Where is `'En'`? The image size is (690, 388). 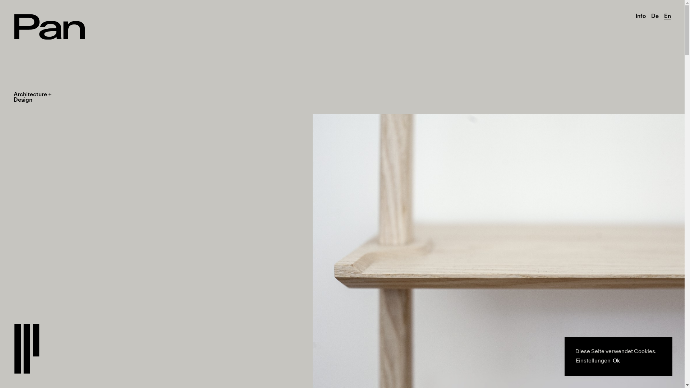 'En' is located at coordinates (664, 16).